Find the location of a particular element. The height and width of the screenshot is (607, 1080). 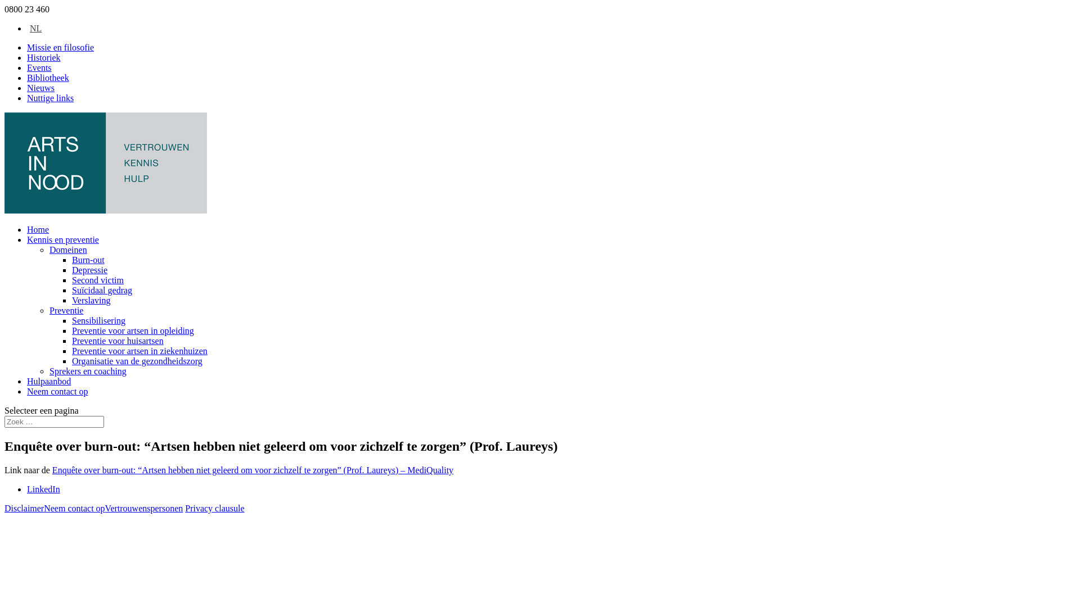

'Verslaving' is located at coordinates (91, 300).